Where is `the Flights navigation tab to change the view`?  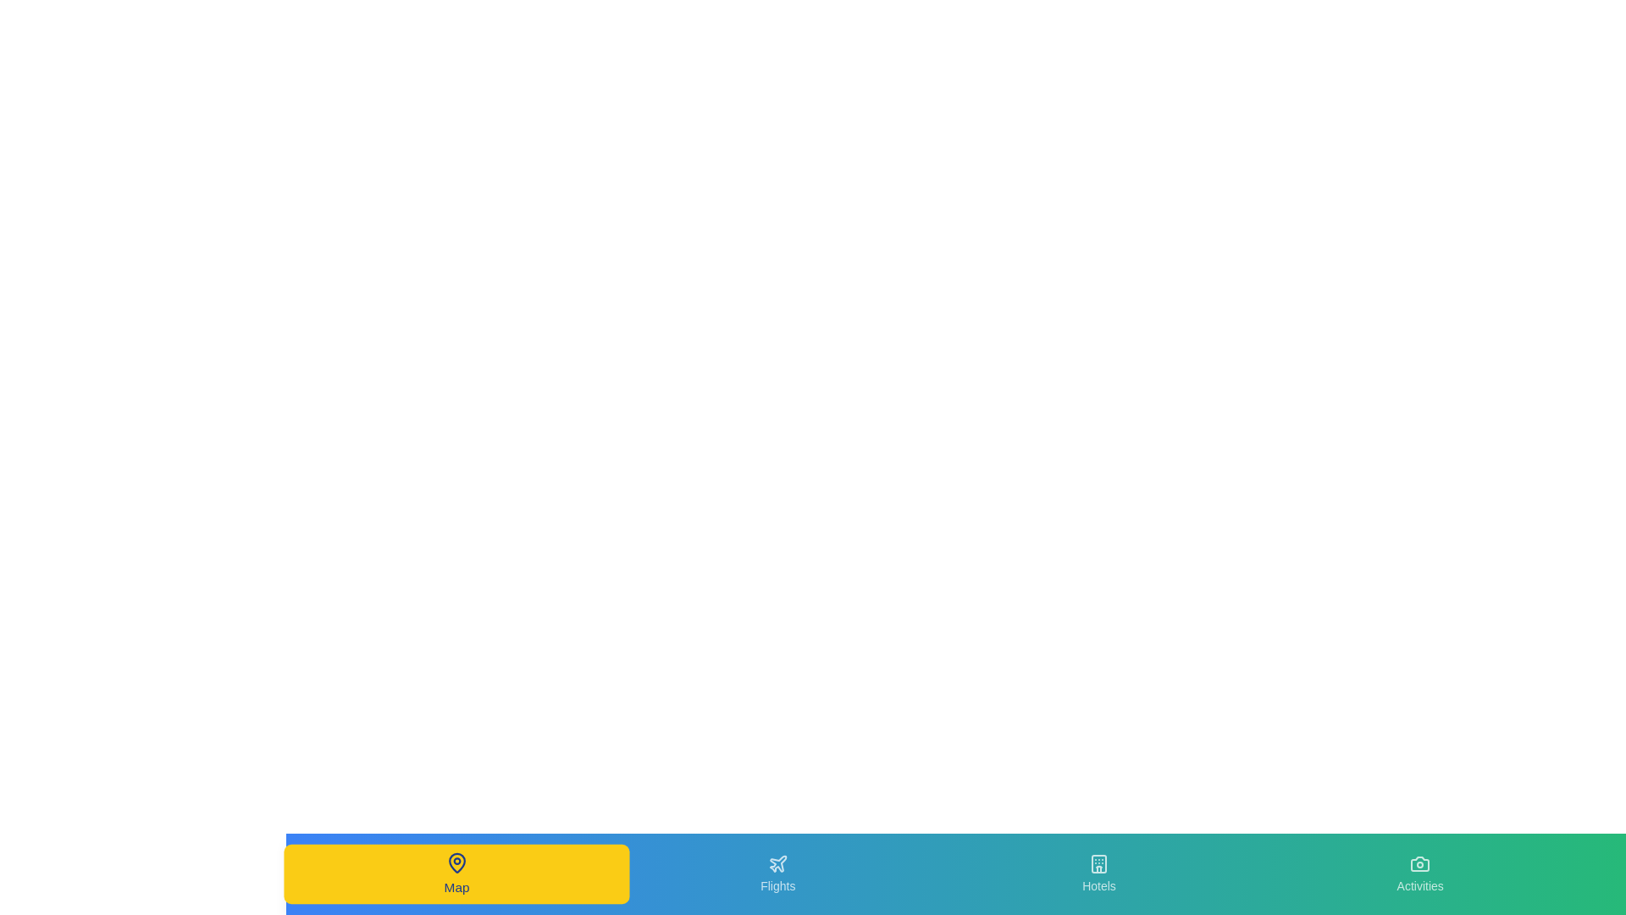 the Flights navigation tab to change the view is located at coordinates (777, 874).